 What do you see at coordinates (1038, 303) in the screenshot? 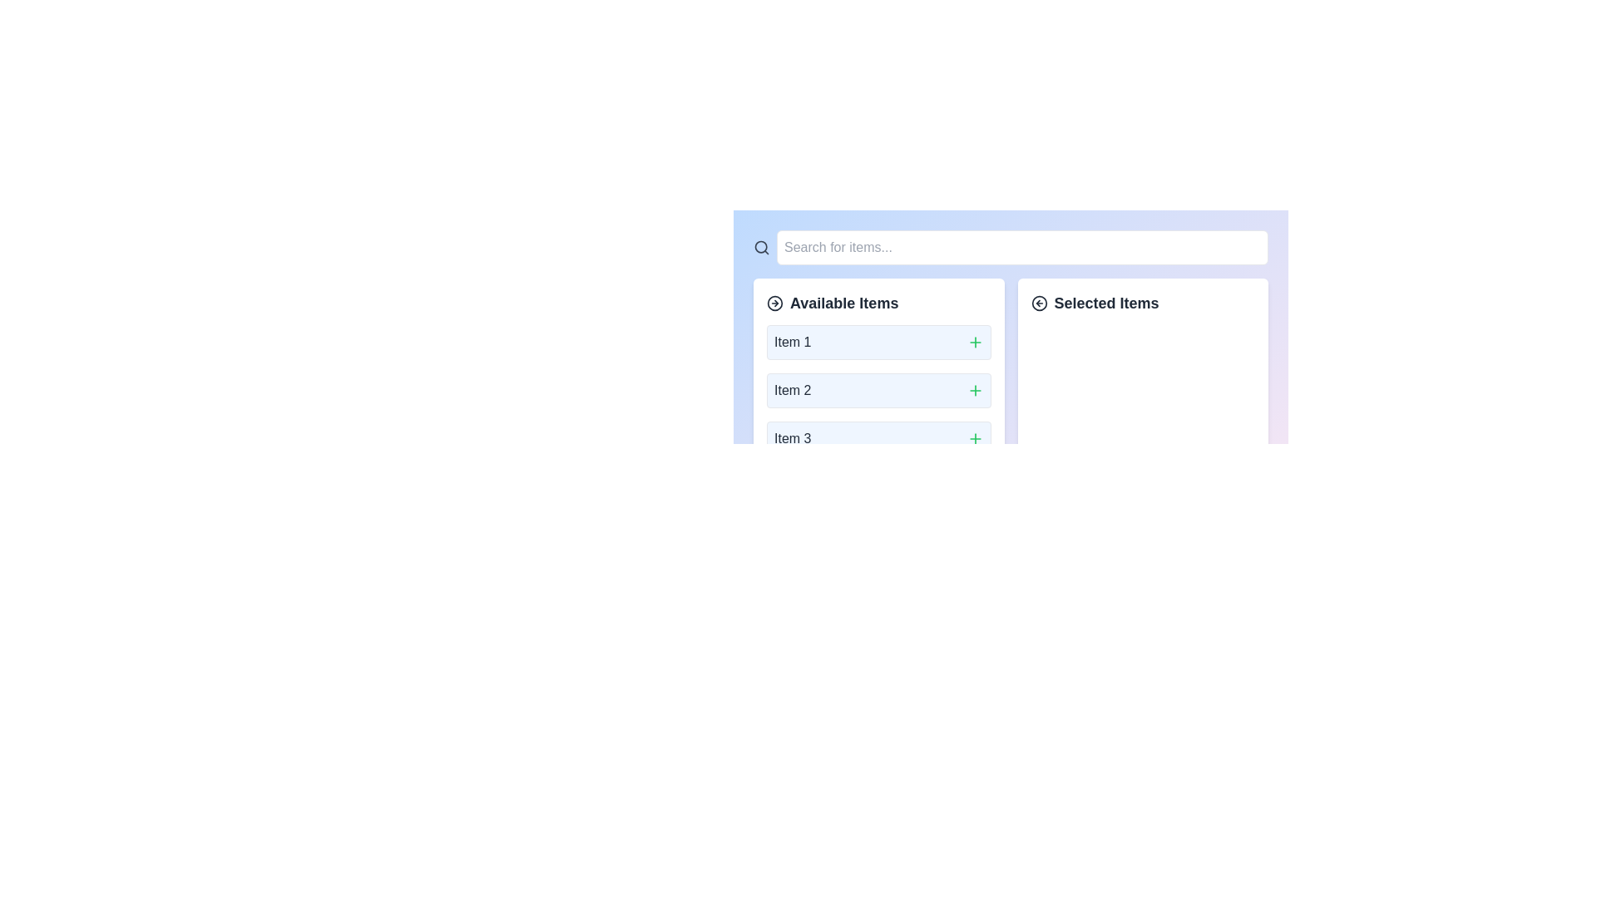
I see `the circular graphical shape that is part of an icon with a leftward arrow, located to the left of the 'Selected Items' header` at bounding box center [1038, 303].